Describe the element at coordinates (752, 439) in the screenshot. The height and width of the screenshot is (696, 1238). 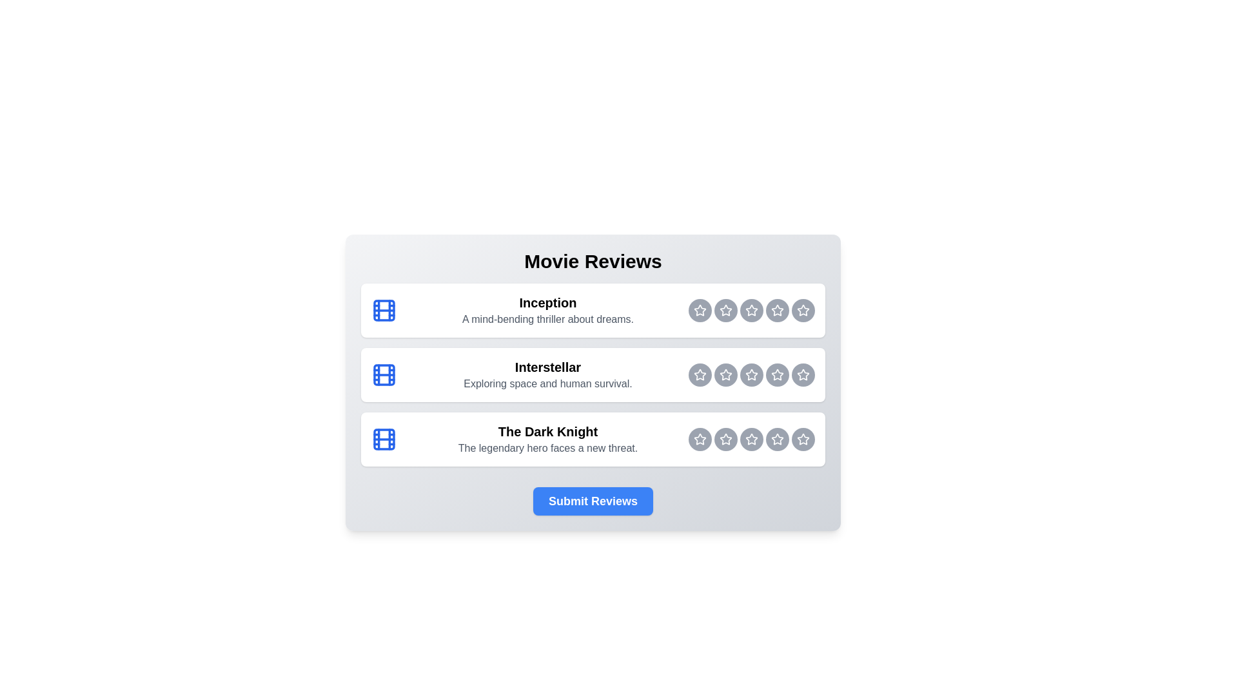
I see `the rating button for The Dark Knight at 3 stars` at that location.